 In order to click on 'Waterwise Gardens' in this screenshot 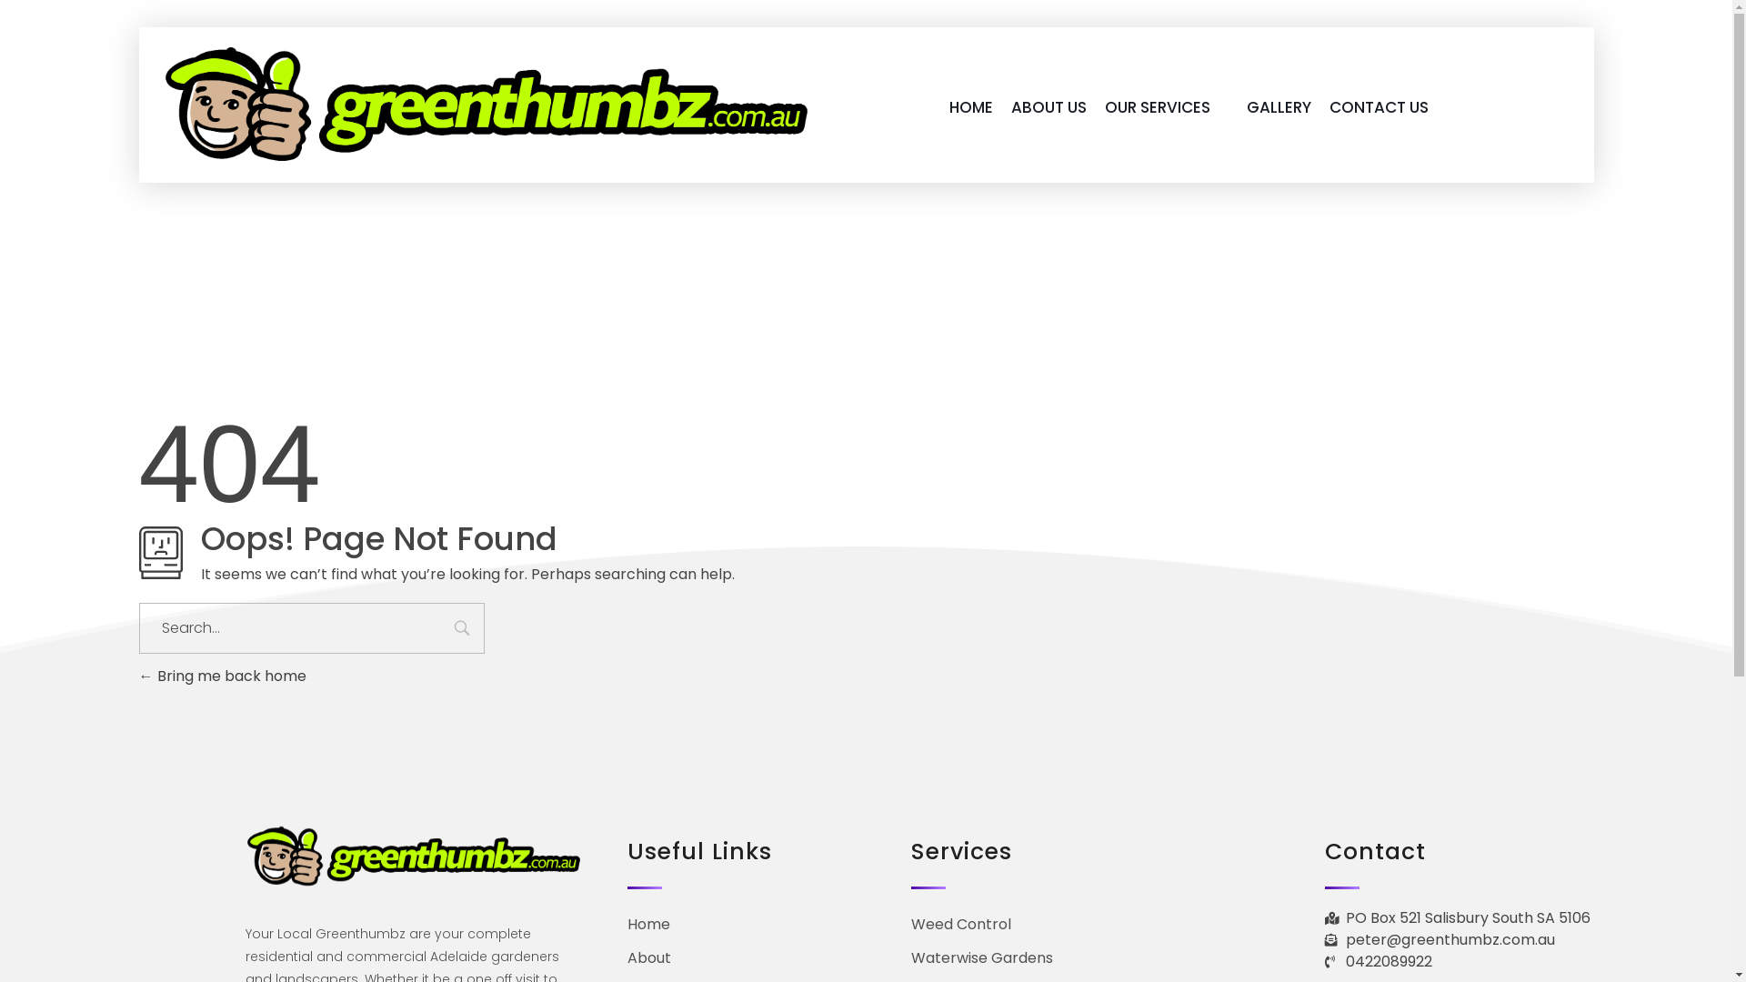, I will do `click(981, 957)`.